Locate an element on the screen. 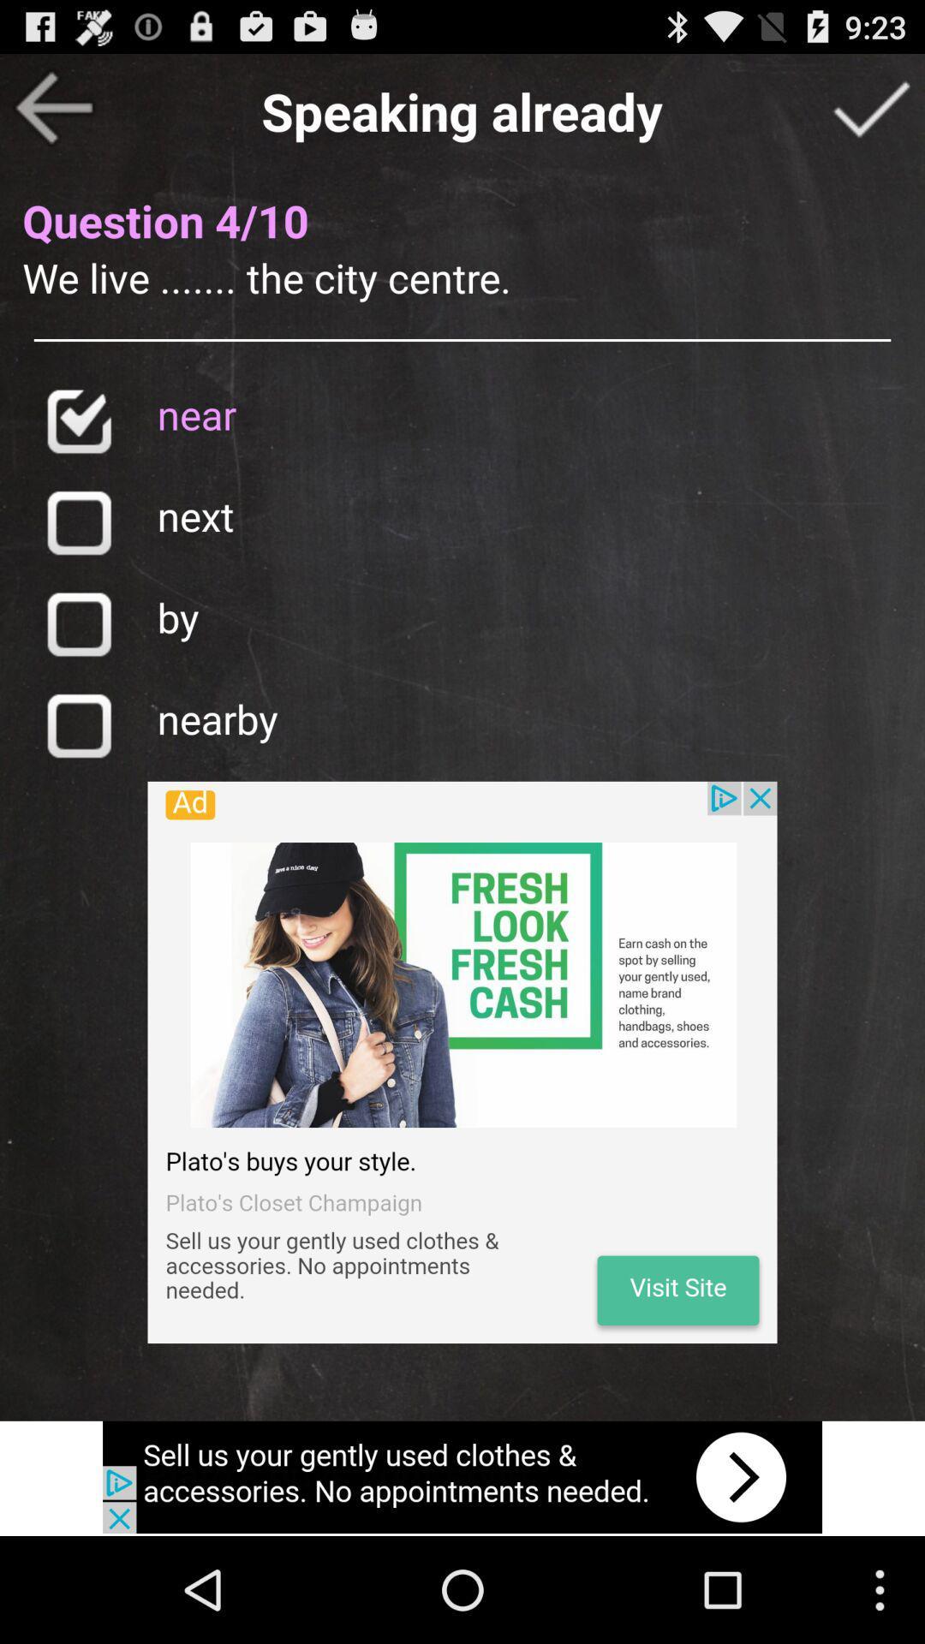 The image size is (925, 1644). open advertisement is located at coordinates (462, 1061).